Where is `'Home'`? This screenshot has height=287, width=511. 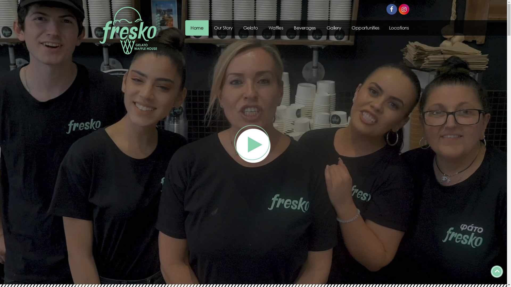
'Home' is located at coordinates (196, 28).